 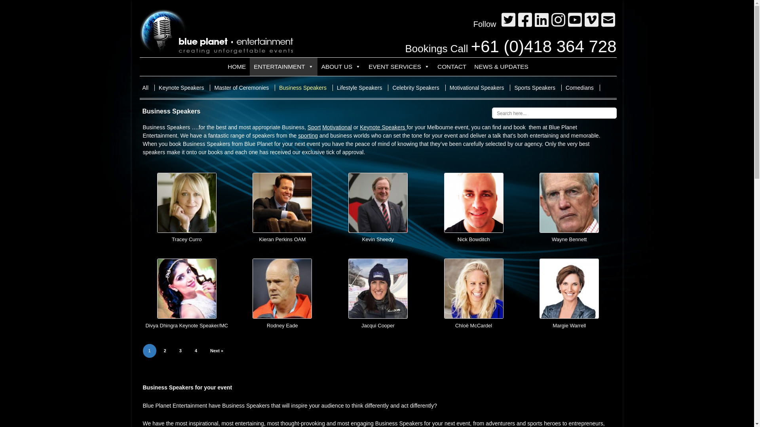 I want to click on 'Margie Warrell', so click(x=569, y=288).